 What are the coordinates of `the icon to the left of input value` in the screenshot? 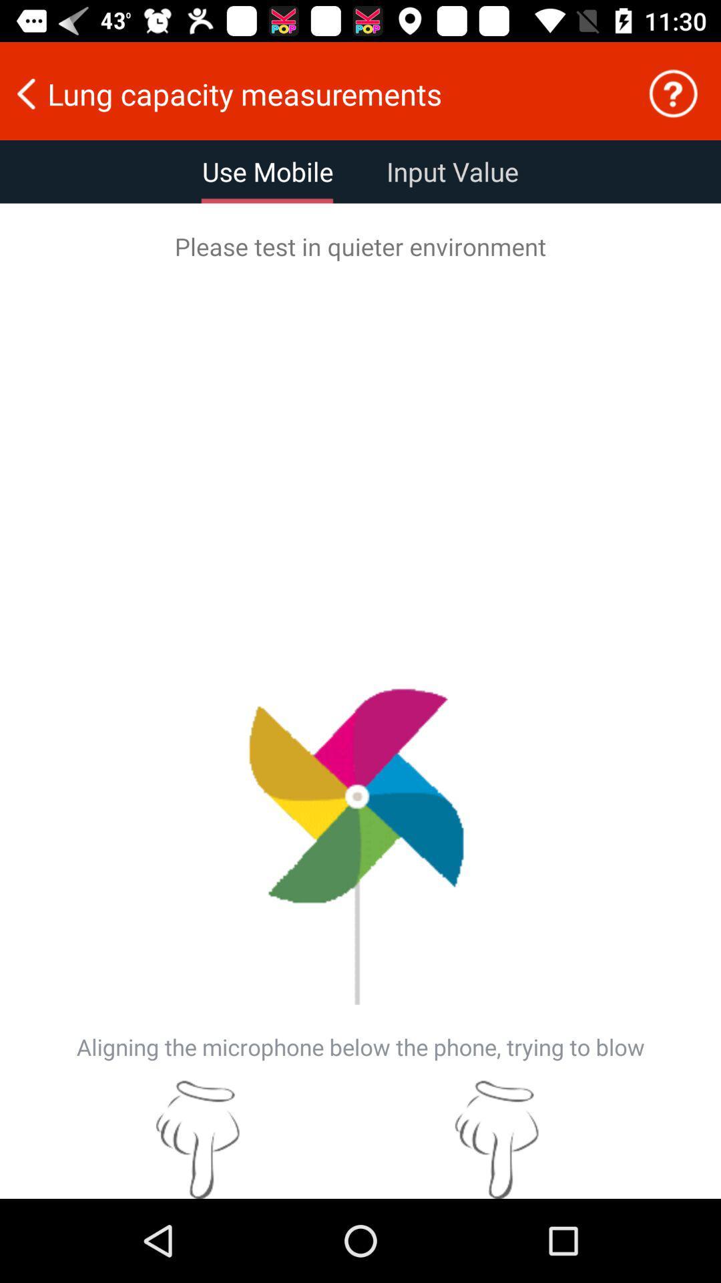 It's located at (268, 171).